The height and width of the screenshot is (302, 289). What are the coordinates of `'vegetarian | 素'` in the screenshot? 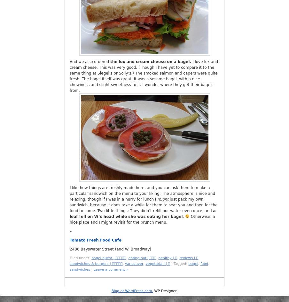 It's located at (145, 263).